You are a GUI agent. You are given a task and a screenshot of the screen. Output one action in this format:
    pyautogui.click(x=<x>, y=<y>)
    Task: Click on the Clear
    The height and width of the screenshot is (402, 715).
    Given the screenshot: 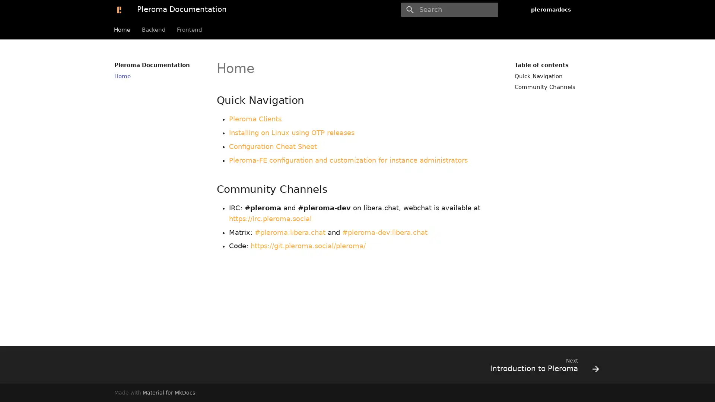 What is the action you would take?
    pyautogui.click(x=489, y=10)
    